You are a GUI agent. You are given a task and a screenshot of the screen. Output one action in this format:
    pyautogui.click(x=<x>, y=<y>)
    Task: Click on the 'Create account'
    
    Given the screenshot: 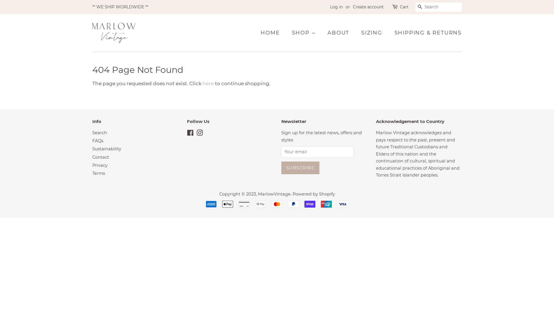 What is the action you would take?
    pyautogui.click(x=368, y=7)
    